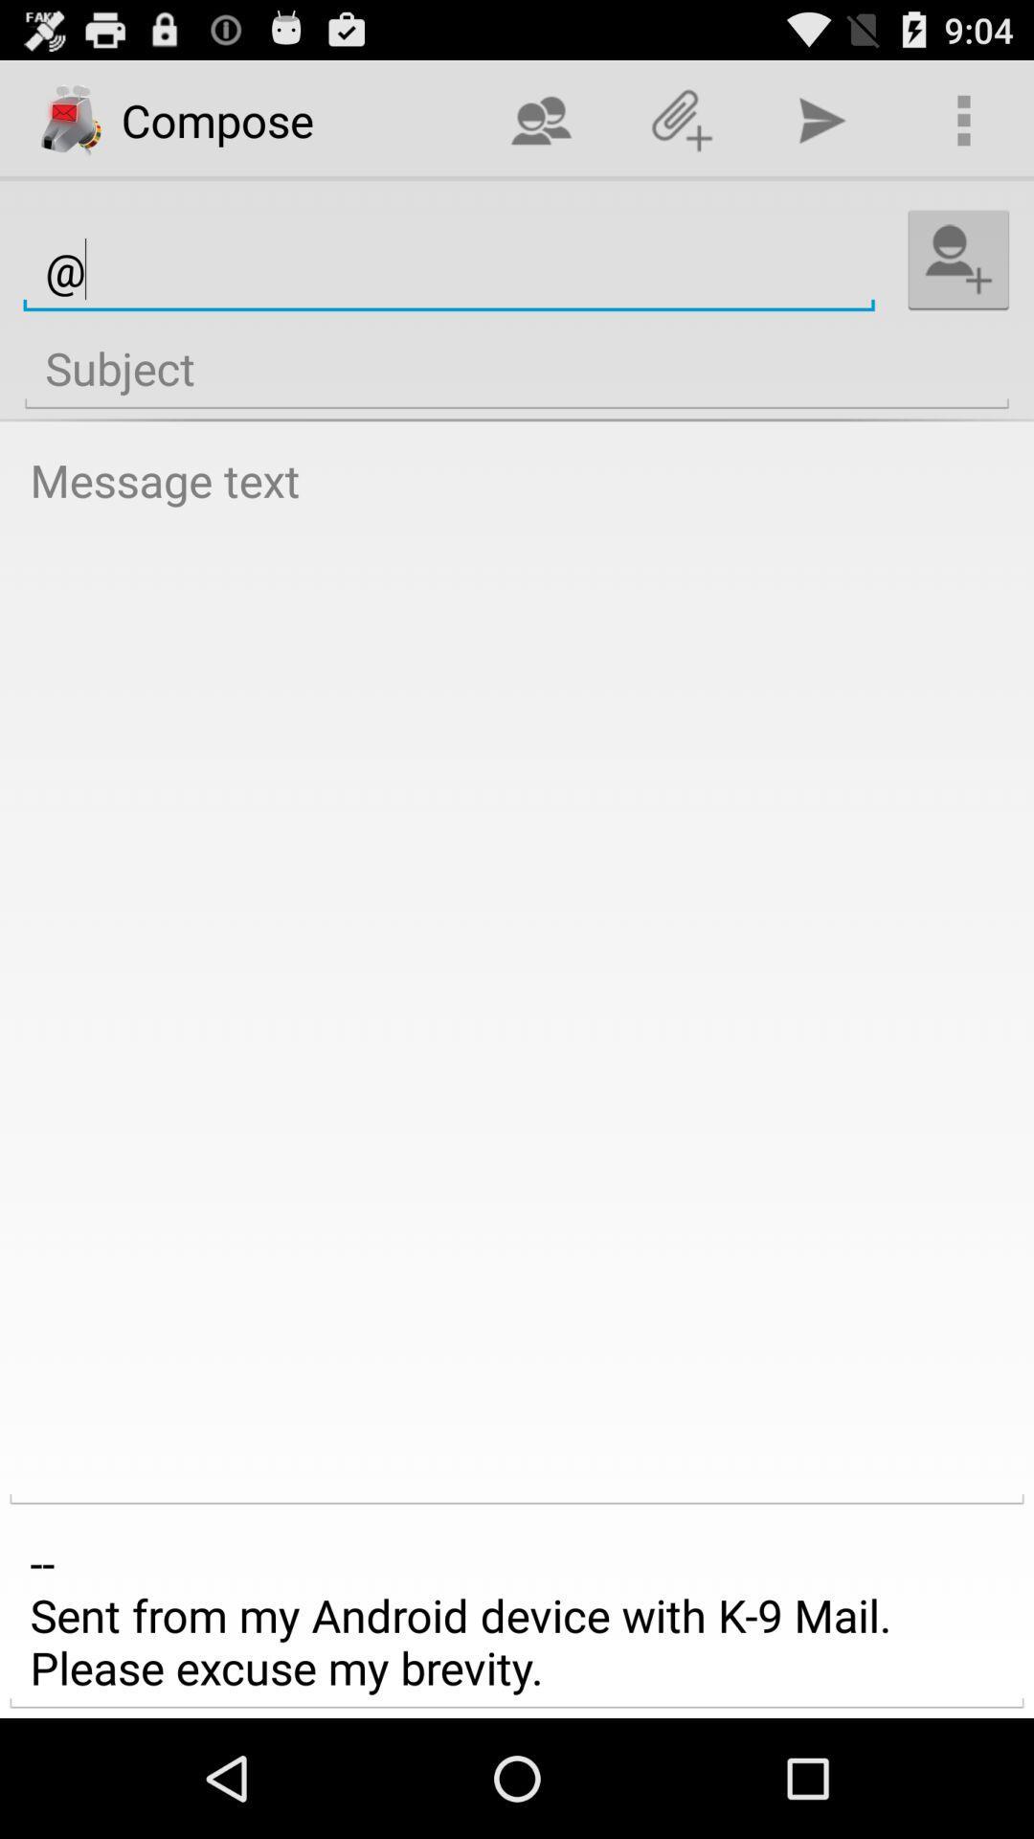 This screenshot has height=1839, width=1034. Describe the element at coordinates (541, 119) in the screenshot. I see `item to the right of the compose` at that location.